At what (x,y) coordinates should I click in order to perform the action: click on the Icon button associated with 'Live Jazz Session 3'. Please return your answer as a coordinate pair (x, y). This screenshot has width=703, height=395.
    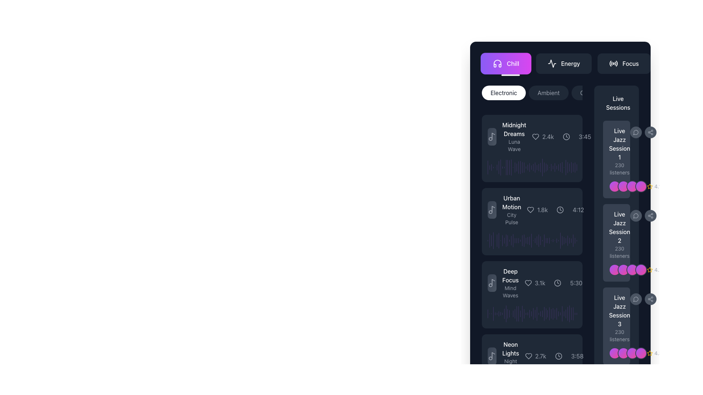
    Looking at the image, I should click on (636, 299).